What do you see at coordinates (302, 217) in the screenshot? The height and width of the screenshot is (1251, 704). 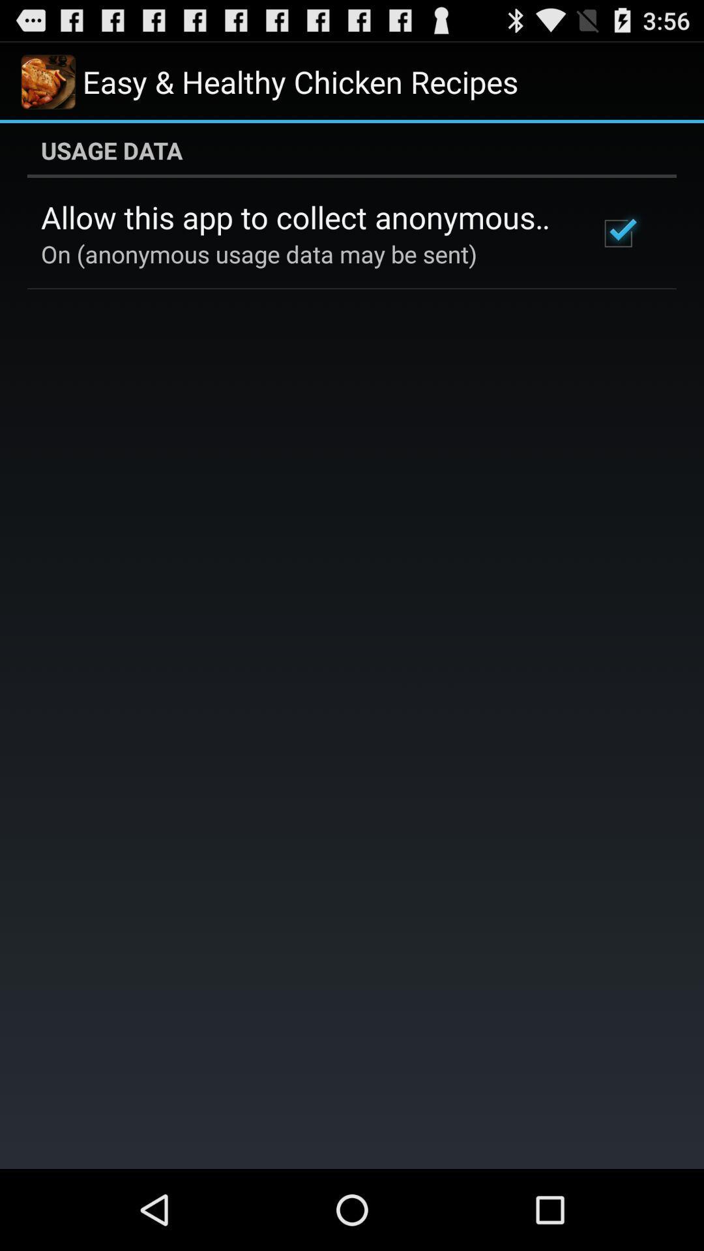 I see `the allow this app item` at bounding box center [302, 217].